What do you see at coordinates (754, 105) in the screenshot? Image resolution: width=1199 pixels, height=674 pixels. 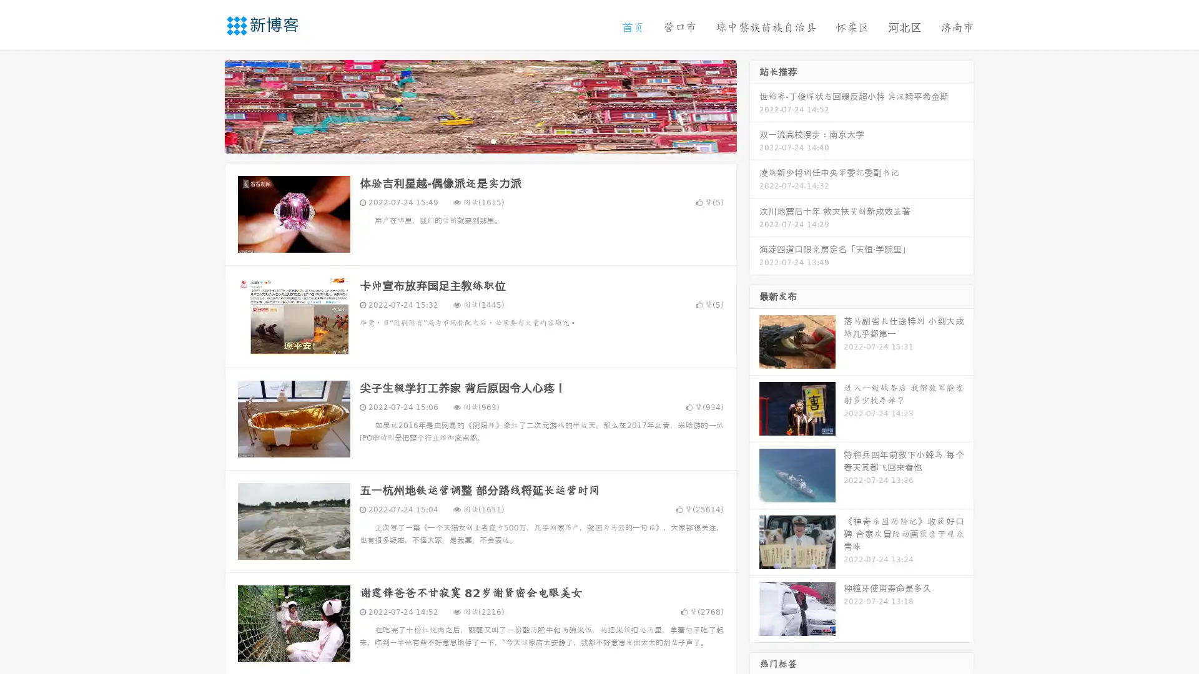 I see `Next slide` at bounding box center [754, 105].